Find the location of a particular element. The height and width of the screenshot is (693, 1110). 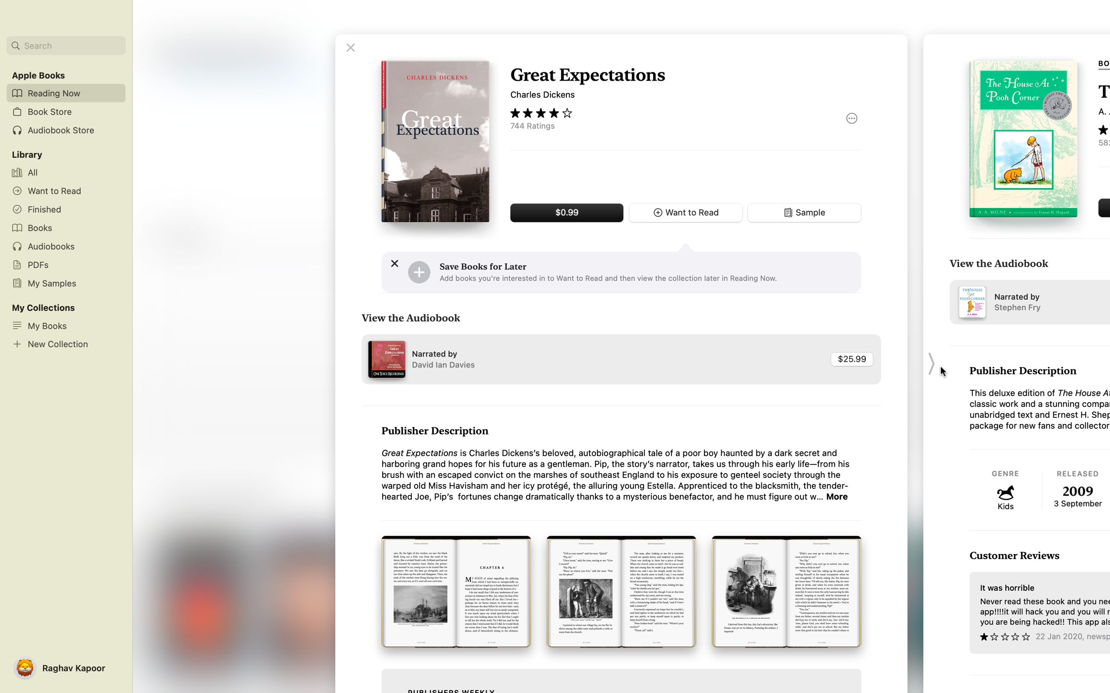

Read more about the description of the current book by publisher is located at coordinates (838, 496).